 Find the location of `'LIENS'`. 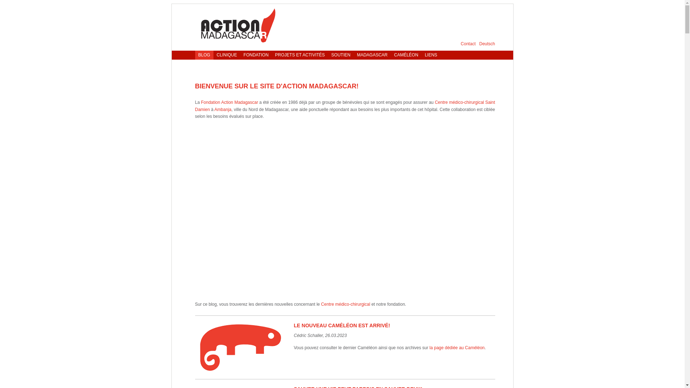

'LIENS' is located at coordinates (431, 55).